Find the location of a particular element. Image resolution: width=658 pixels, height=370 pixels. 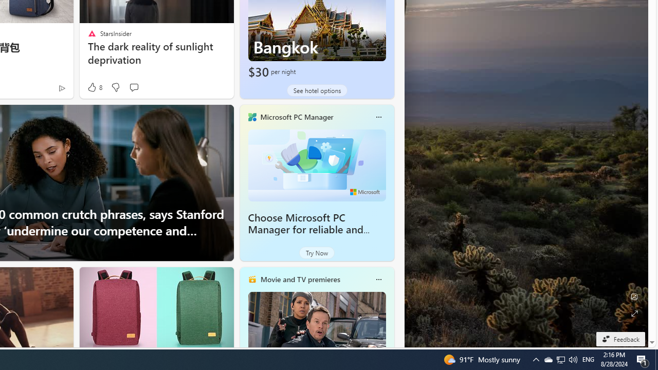

'See hotel options' is located at coordinates (316, 90).